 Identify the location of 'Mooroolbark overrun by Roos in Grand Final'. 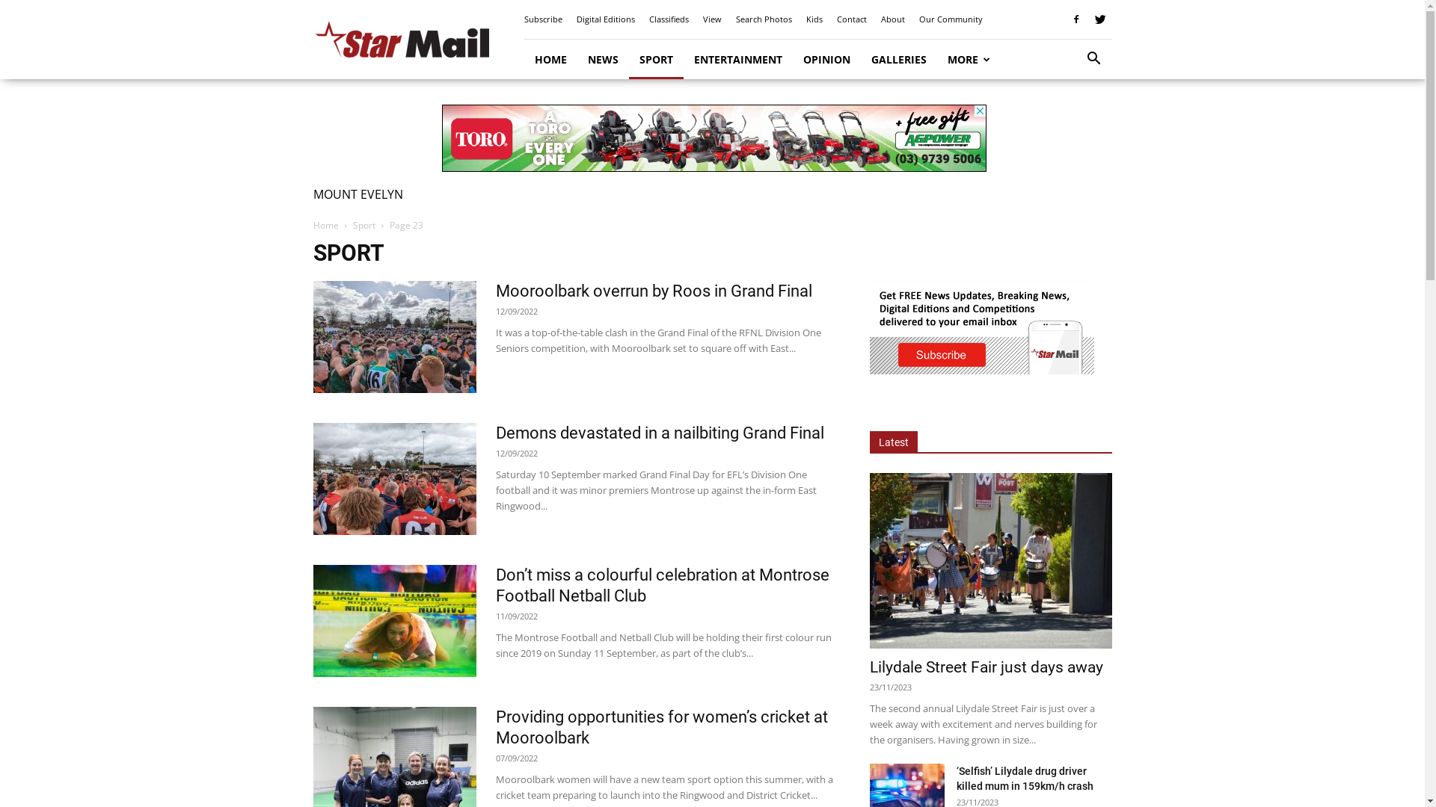
(394, 337).